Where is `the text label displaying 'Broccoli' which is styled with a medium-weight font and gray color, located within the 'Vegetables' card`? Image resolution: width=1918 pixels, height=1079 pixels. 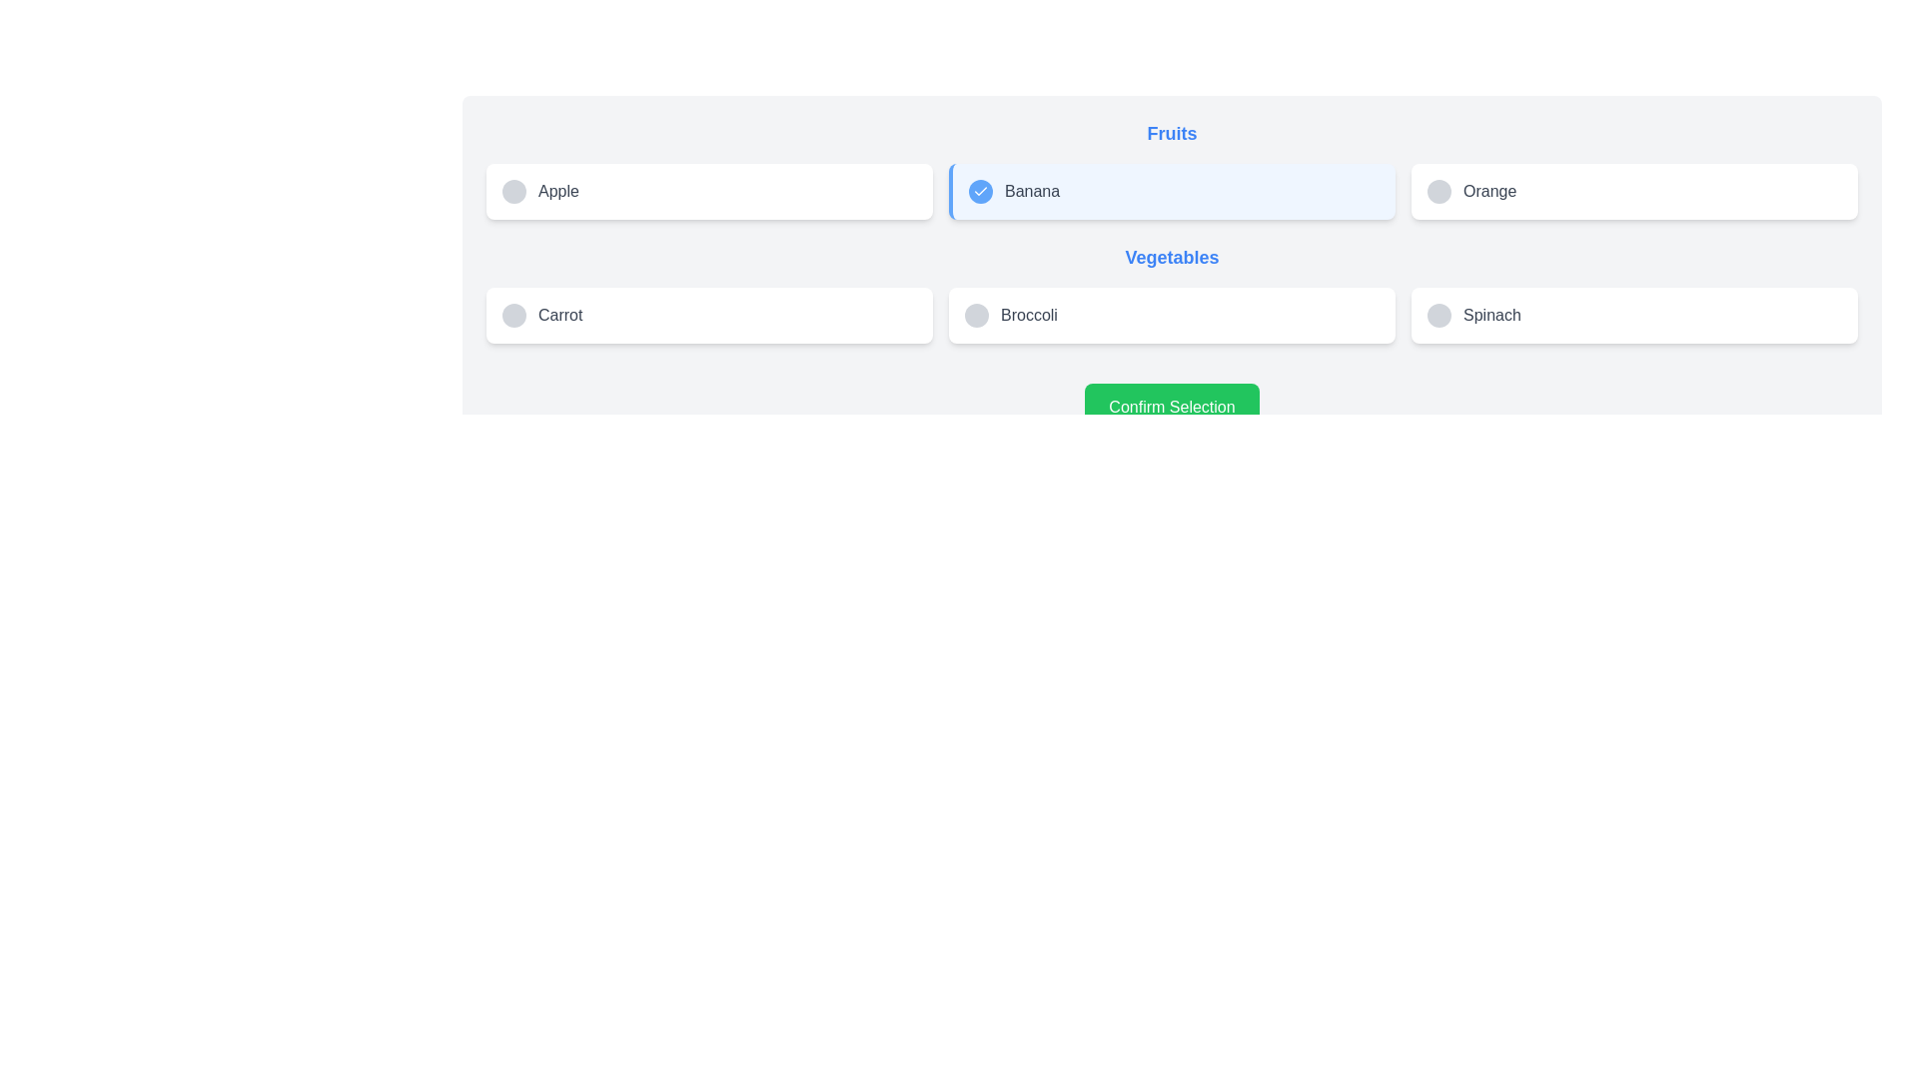 the text label displaying 'Broccoli' which is styled with a medium-weight font and gray color, located within the 'Vegetables' card is located at coordinates (1029, 315).